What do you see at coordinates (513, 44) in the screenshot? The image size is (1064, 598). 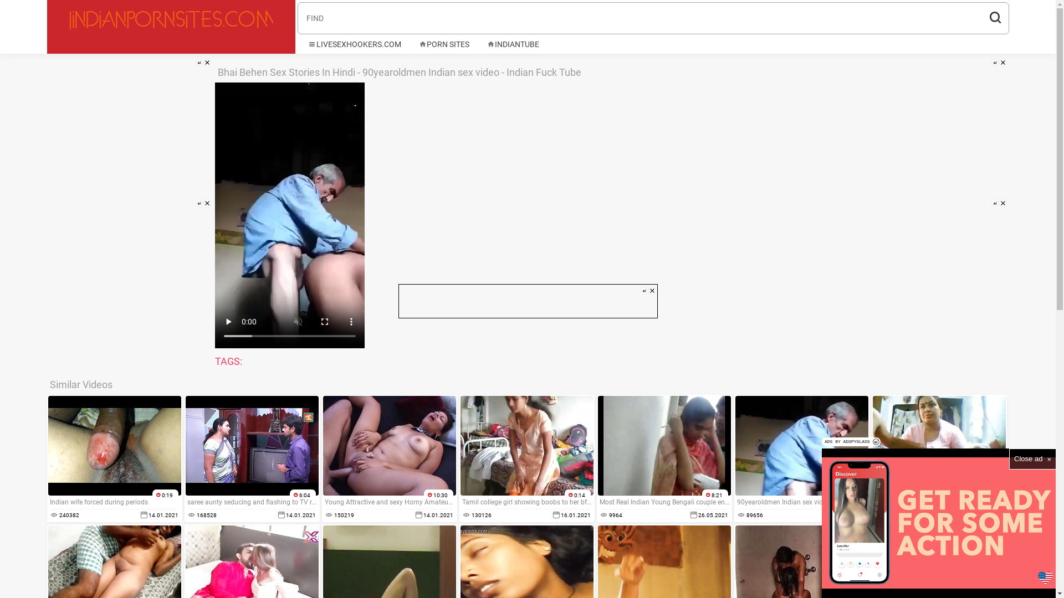 I see `'INDIANTUBE'` at bounding box center [513, 44].